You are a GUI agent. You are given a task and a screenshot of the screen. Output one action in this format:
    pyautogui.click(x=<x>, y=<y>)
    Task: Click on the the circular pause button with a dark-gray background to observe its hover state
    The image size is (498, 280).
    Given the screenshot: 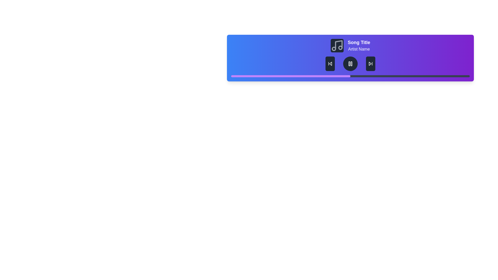 What is the action you would take?
    pyautogui.click(x=350, y=64)
    